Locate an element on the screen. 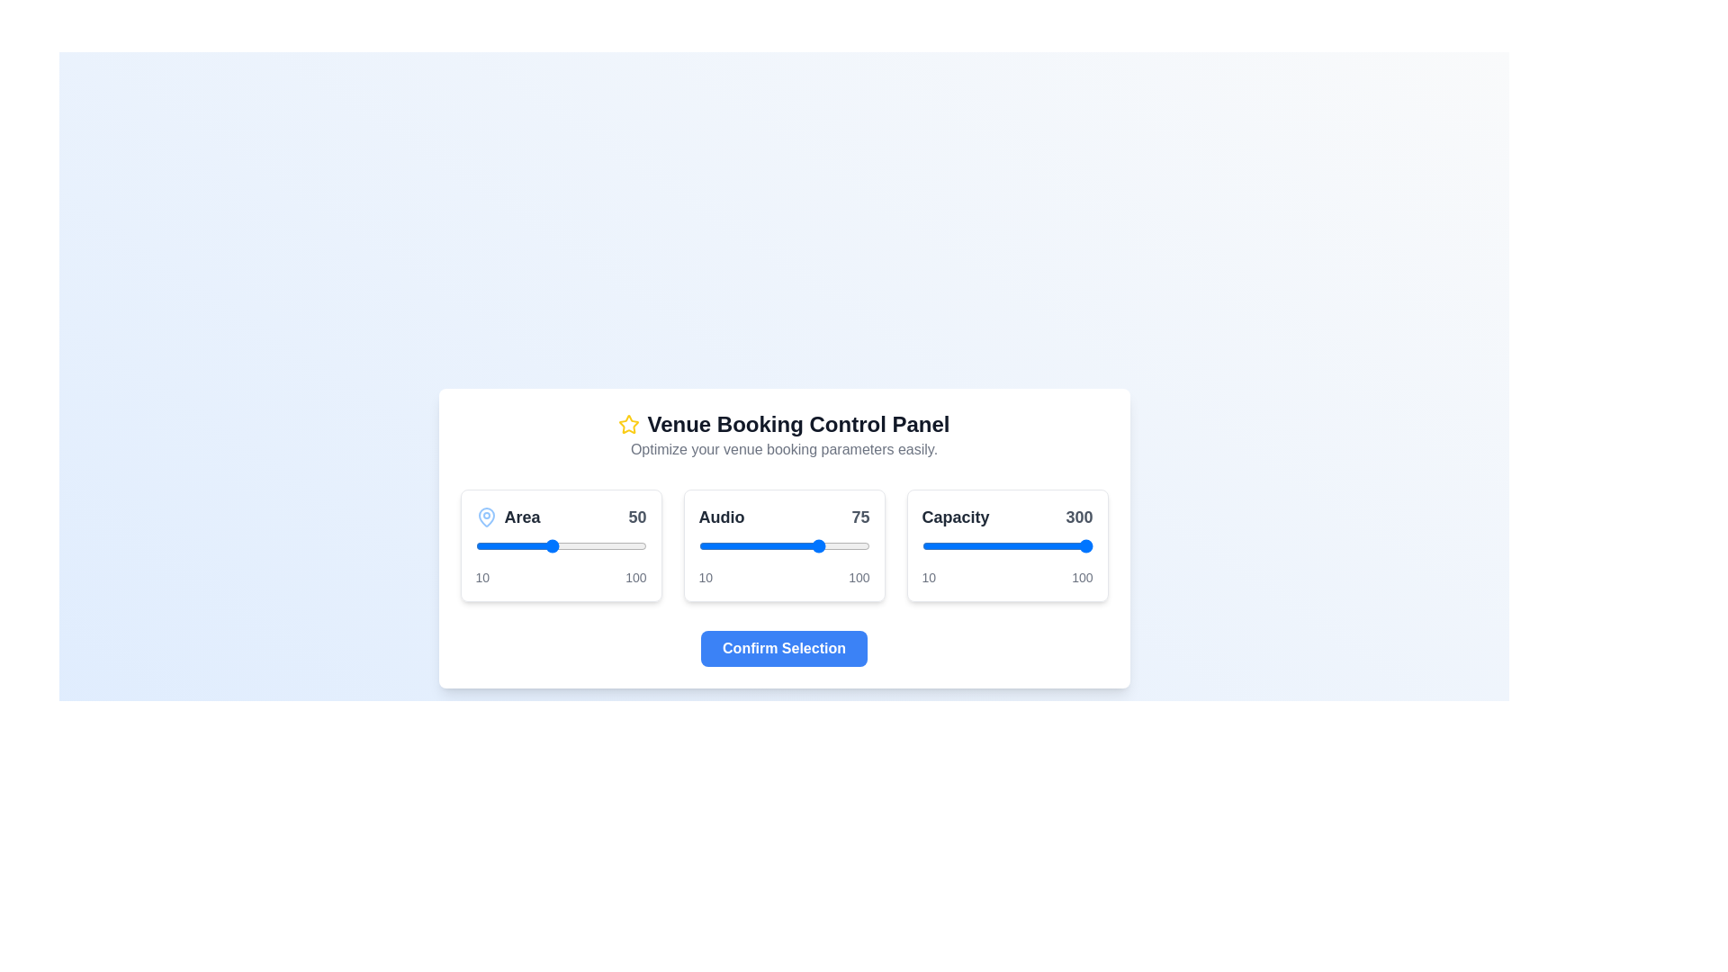 The image size is (1728, 972). capacity is located at coordinates (1012, 544).